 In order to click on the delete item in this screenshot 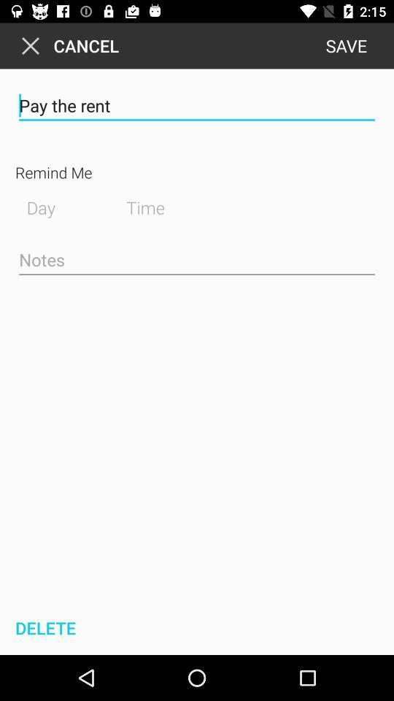, I will do `click(43, 627)`.